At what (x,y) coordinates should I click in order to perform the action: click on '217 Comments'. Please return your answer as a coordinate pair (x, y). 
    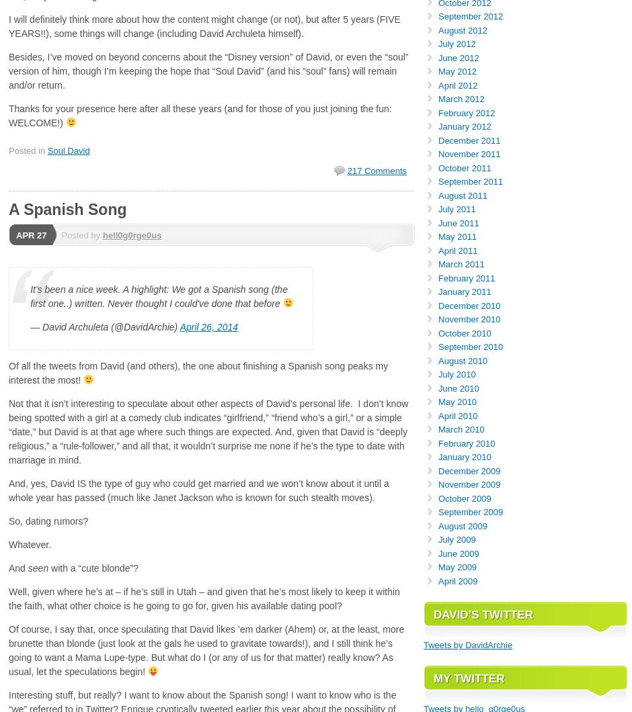
    Looking at the image, I should click on (377, 169).